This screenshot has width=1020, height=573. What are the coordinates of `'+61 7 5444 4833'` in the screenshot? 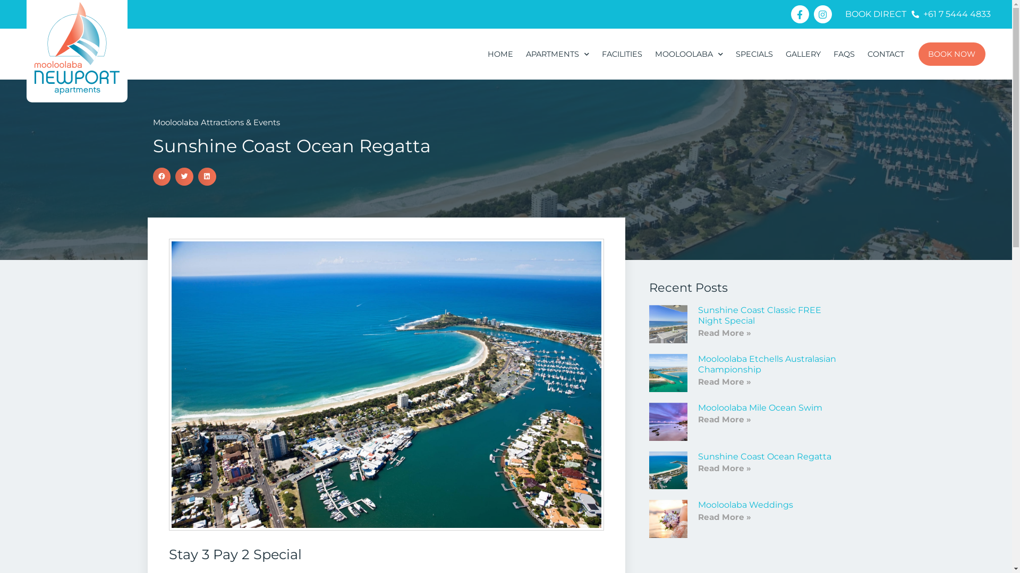 It's located at (951, 14).